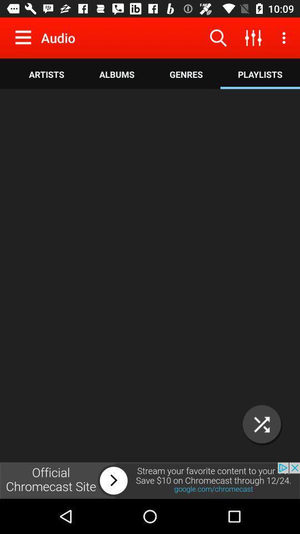 This screenshot has height=534, width=300. Describe the element at coordinates (150, 480) in the screenshot. I see `advertisement link image` at that location.